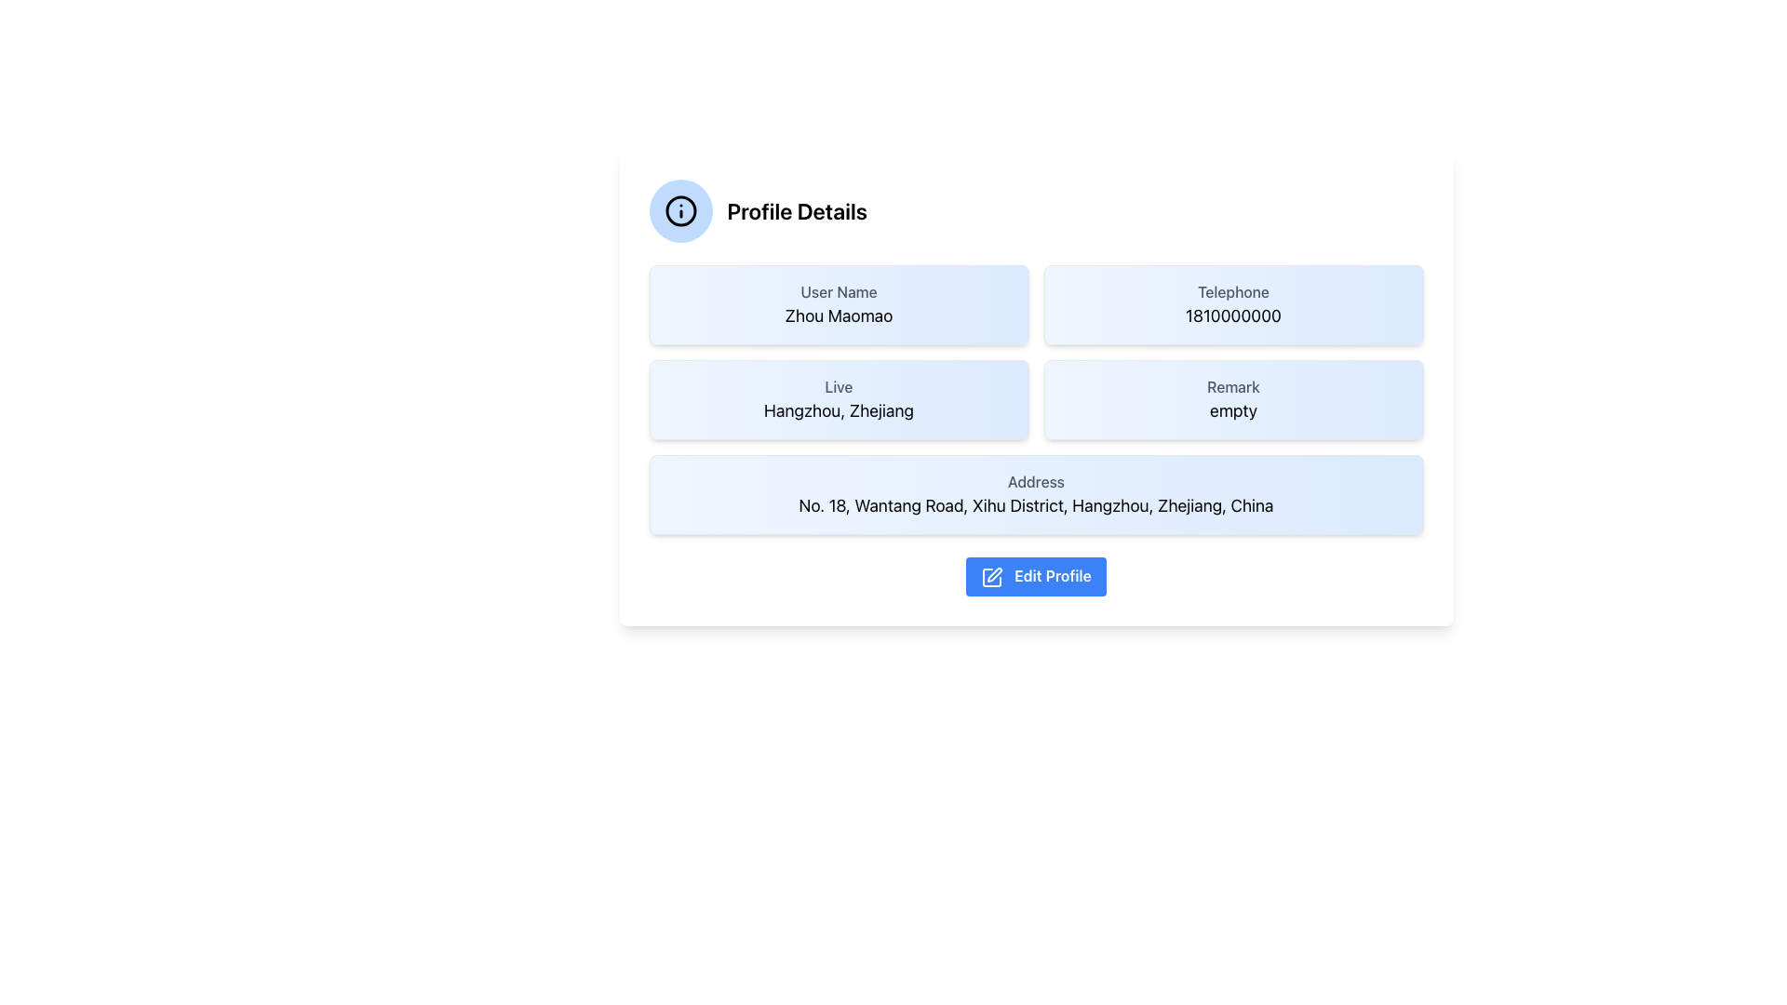 The image size is (1787, 1005). What do you see at coordinates (991, 576) in the screenshot?
I see `the visual design of the pen icon overlaying the 'Edit Profile' button, which features a minimalist line style and is positioned to the left of the button's text` at bounding box center [991, 576].